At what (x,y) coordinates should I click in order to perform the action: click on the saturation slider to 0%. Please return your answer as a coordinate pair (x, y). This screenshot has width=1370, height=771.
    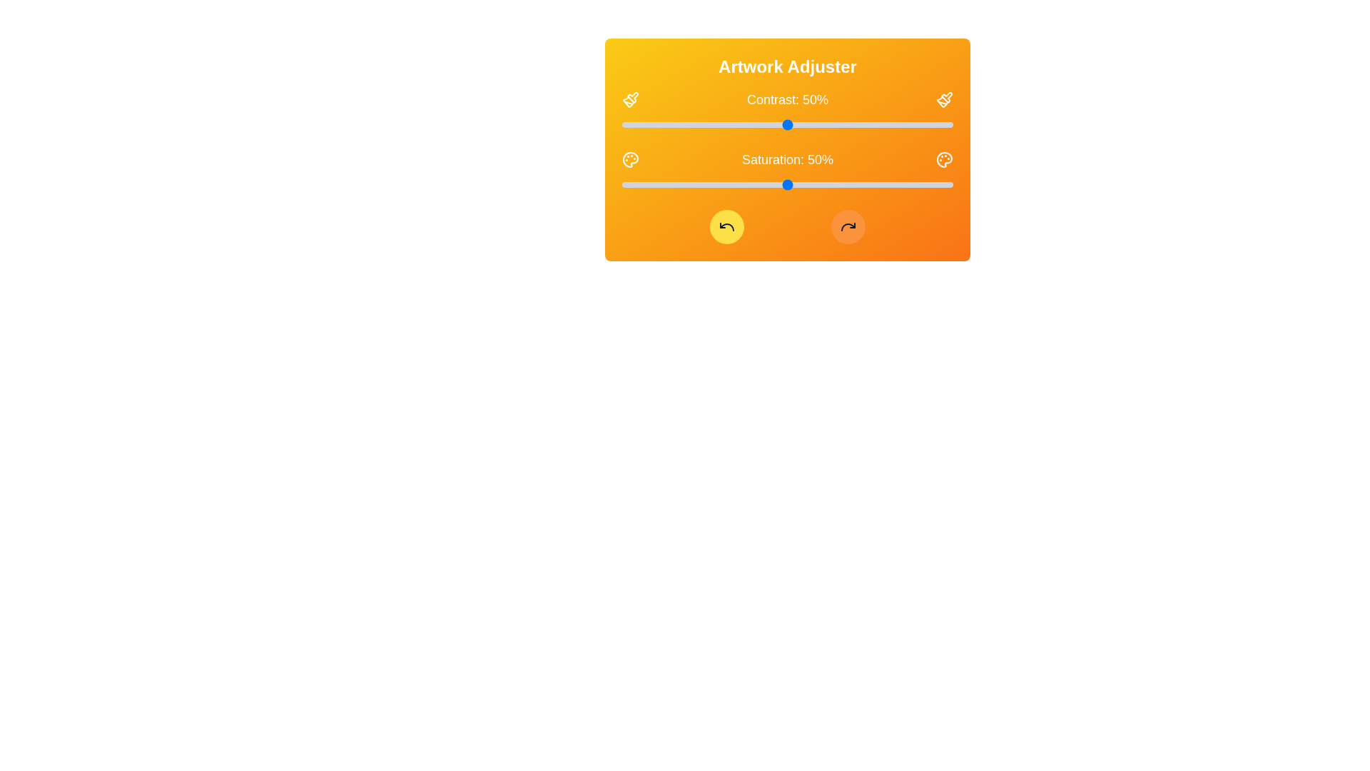
    Looking at the image, I should click on (622, 124).